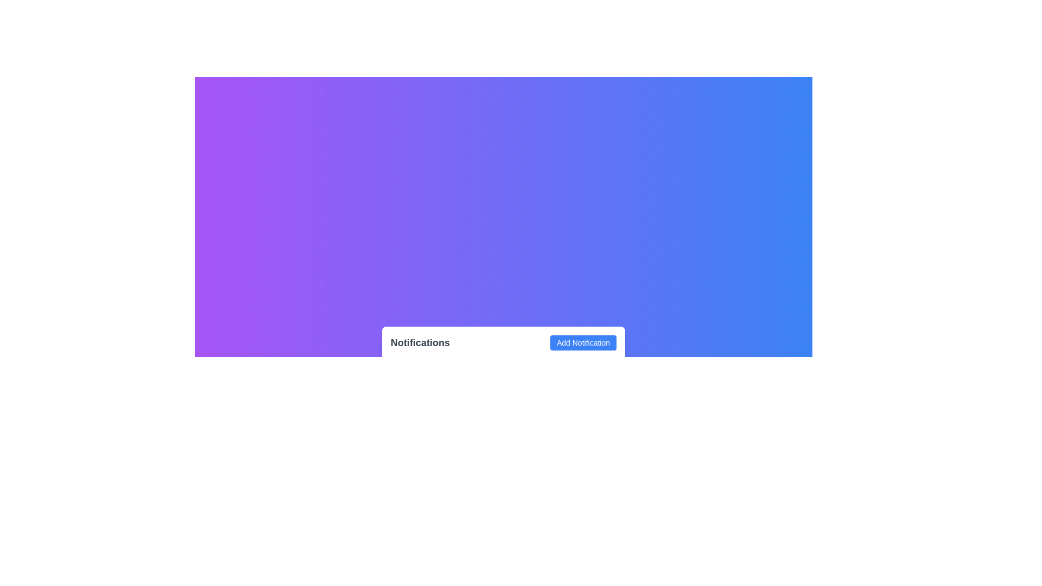 This screenshot has width=1042, height=586. I want to click on the button located at the right end of the header section next to the text 'Notifications', so click(583, 342).